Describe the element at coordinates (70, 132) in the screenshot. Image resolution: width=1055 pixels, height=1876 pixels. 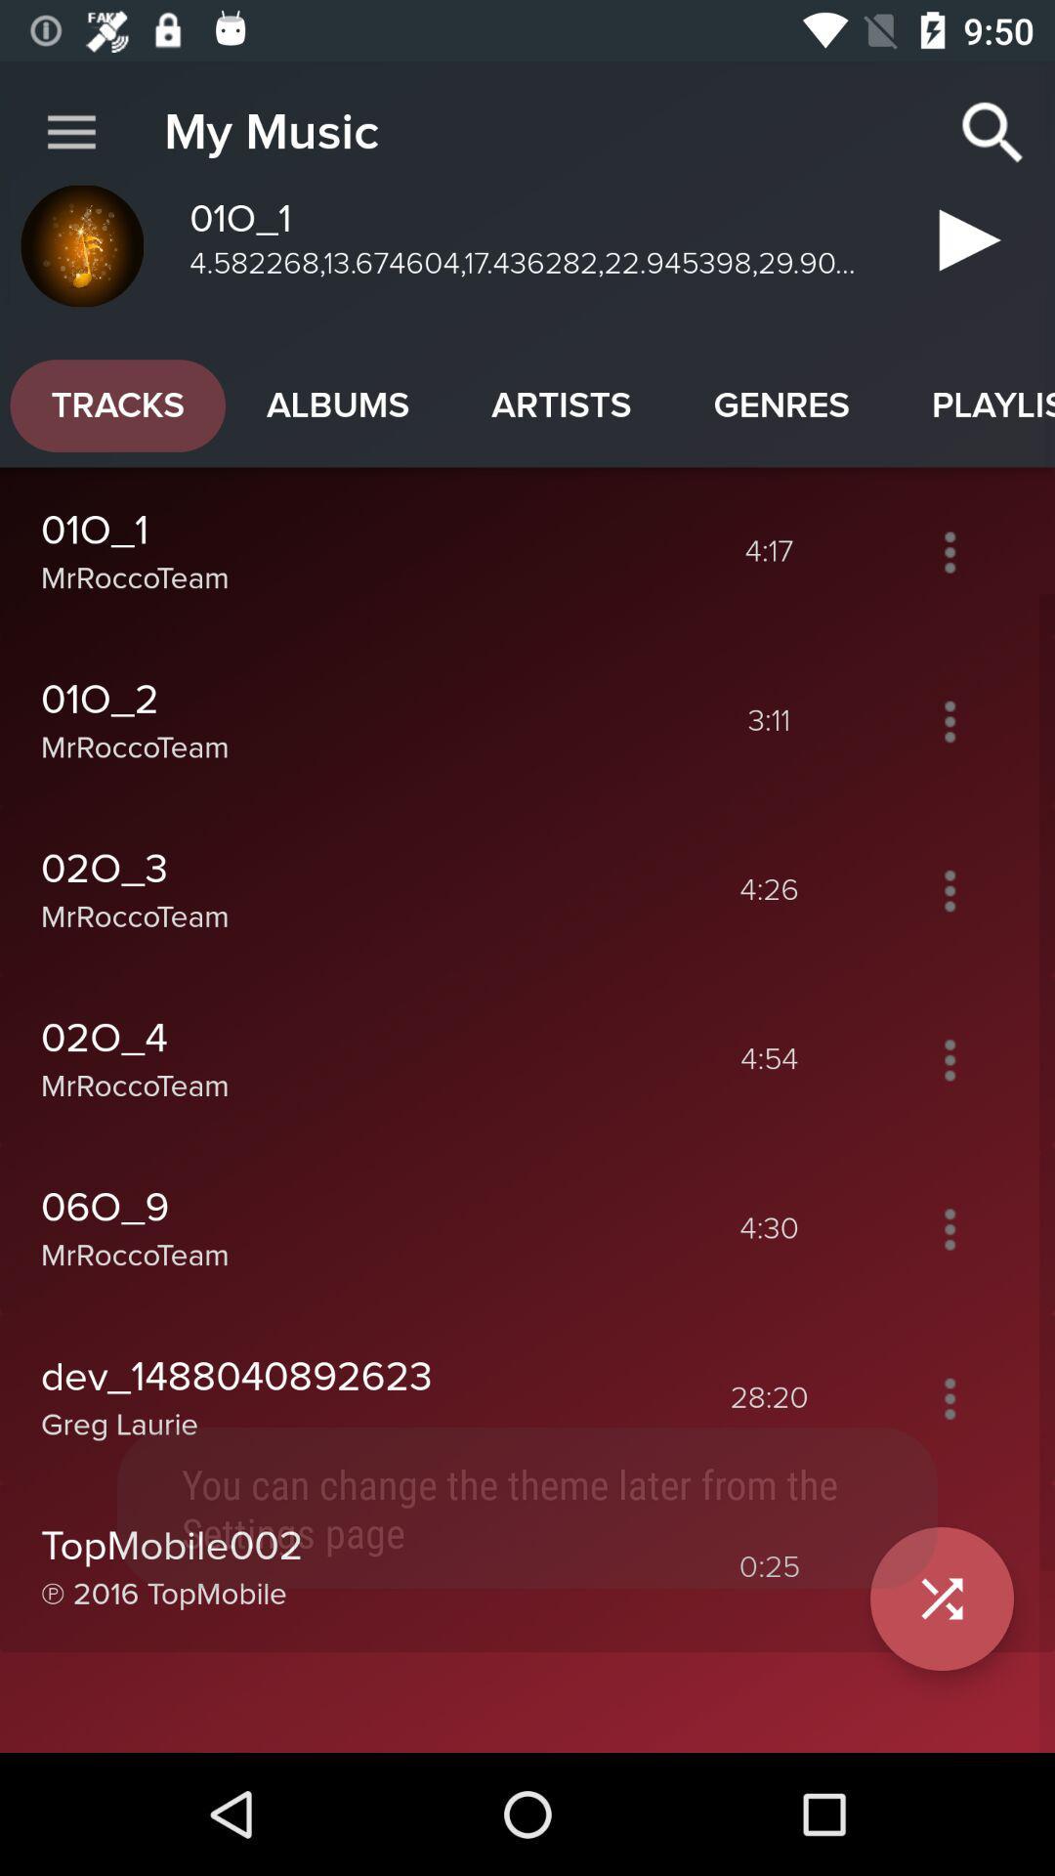
I see `app above tracks item` at that location.